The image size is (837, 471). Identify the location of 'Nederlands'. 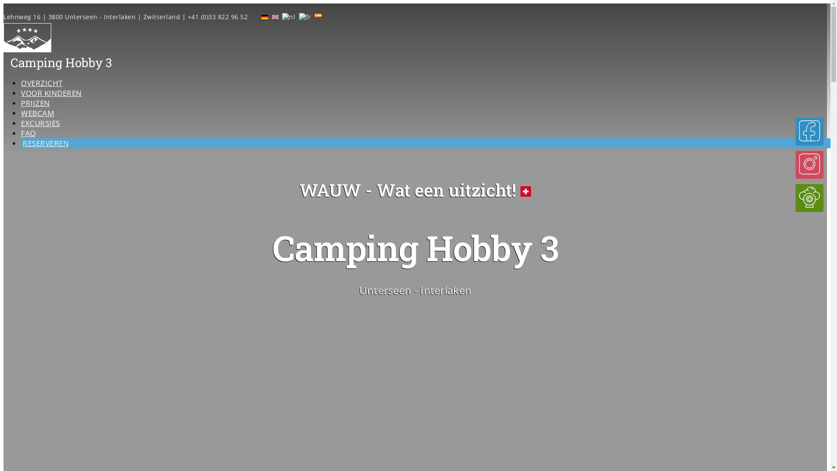
(289, 17).